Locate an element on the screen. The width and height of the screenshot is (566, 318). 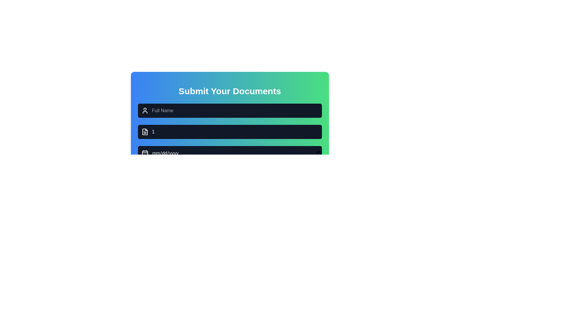
the simplified file or document icon with a dark background and white outlines, located under the 'Submit Your Documents' text input is located at coordinates (145, 131).